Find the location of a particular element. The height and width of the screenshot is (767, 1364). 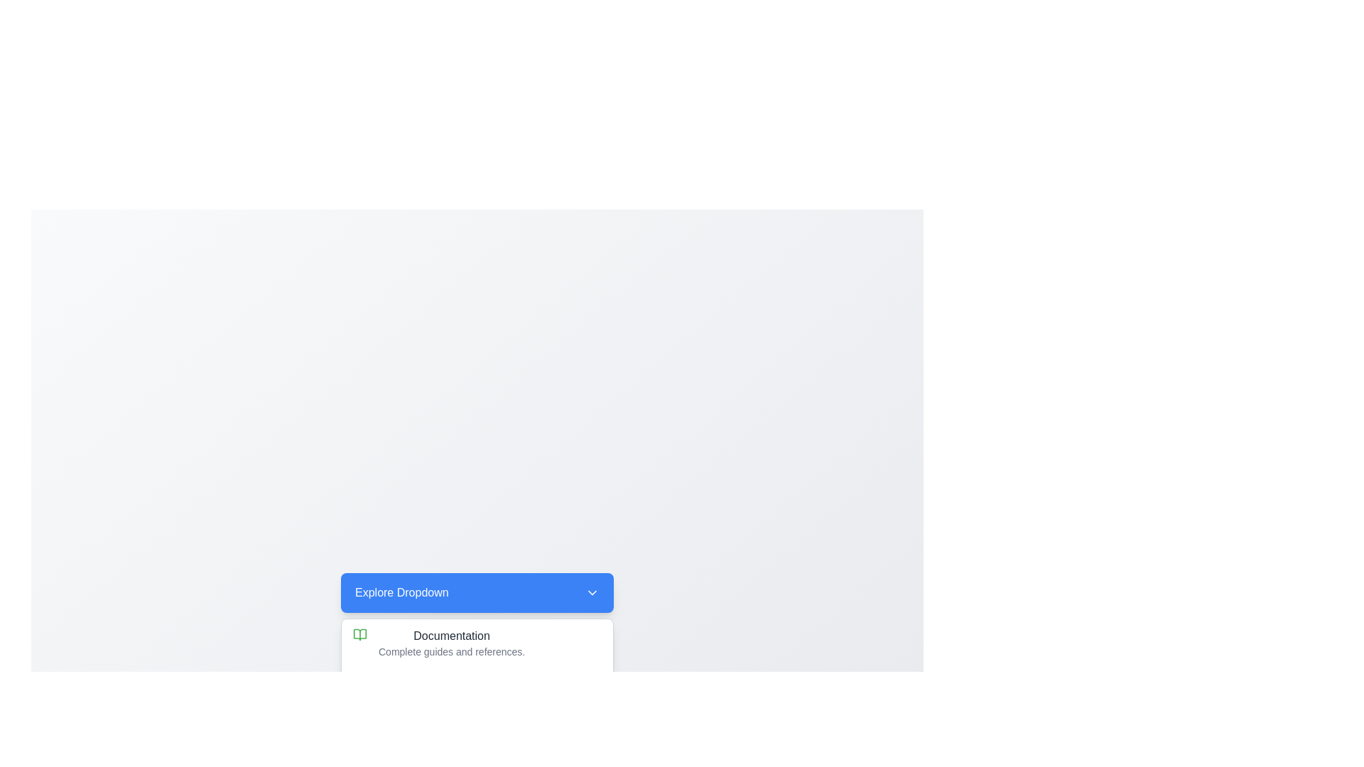

the icon at the far-right corner of the 'Explore Dropdown' button is located at coordinates (592, 592).